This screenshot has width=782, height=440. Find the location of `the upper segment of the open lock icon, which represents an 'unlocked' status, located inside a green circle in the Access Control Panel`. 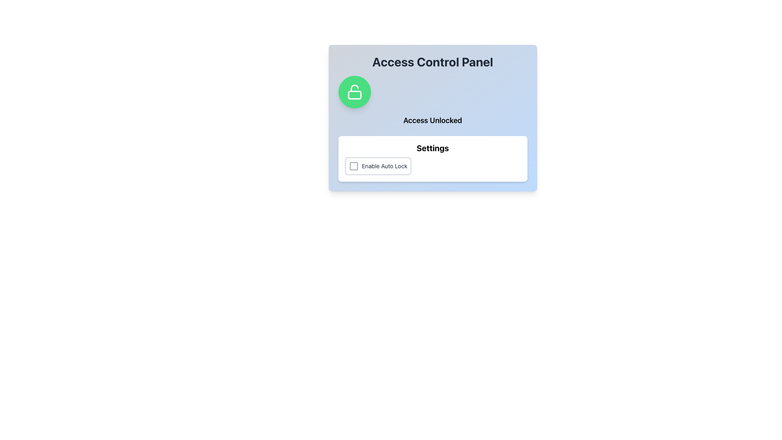

the upper segment of the open lock icon, which represents an 'unlocked' status, located inside a green circle in the Access Control Panel is located at coordinates (354, 88).